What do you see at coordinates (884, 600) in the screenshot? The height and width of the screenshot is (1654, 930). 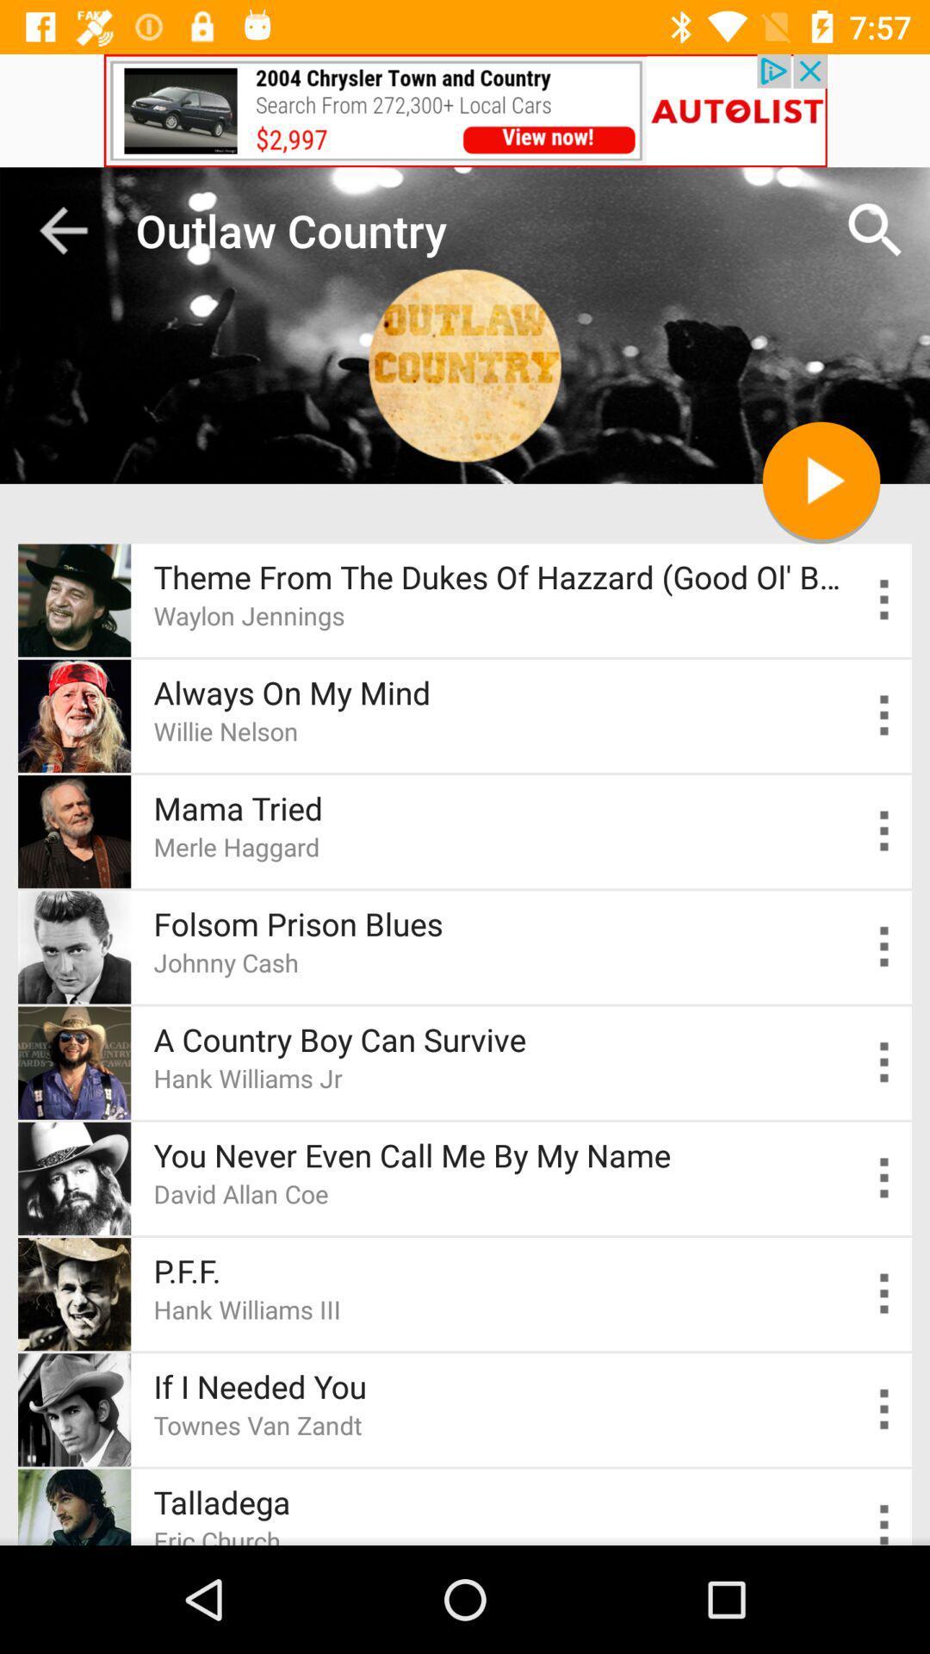 I see `more options` at bounding box center [884, 600].